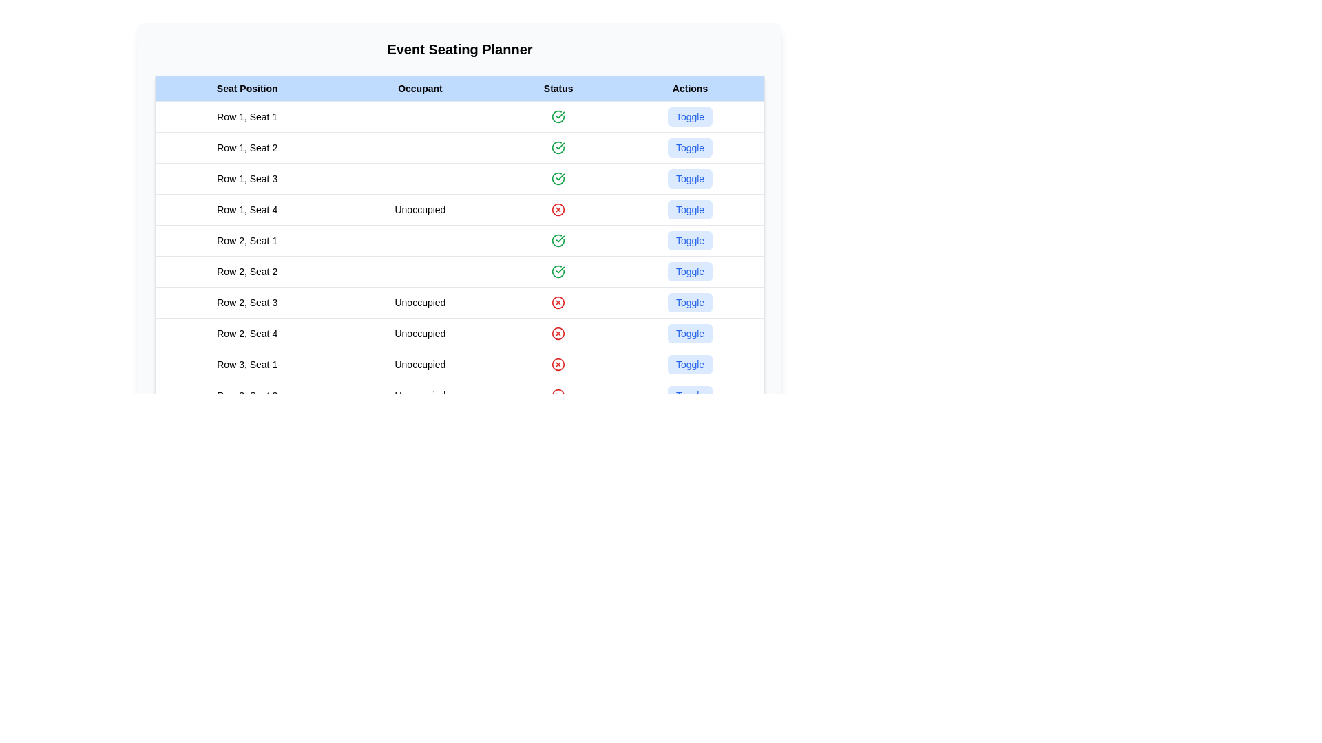 The height and width of the screenshot is (743, 1322). I want to click on the static text label displaying the occupancy status of 'Row 1, Seat 4', which indicates that the seat is currently 'Unoccupied', so click(419, 209).